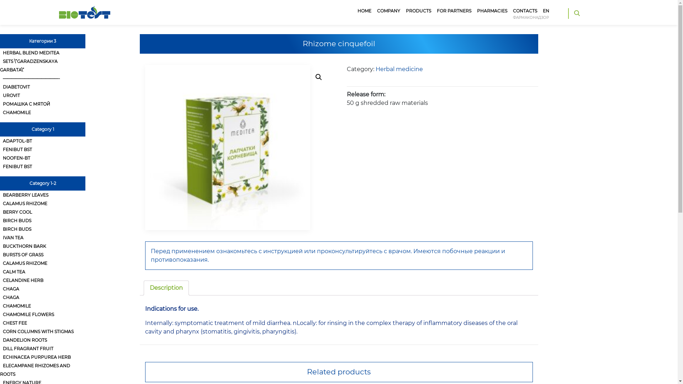  I want to click on 'CHAMOMILE', so click(17, 112).